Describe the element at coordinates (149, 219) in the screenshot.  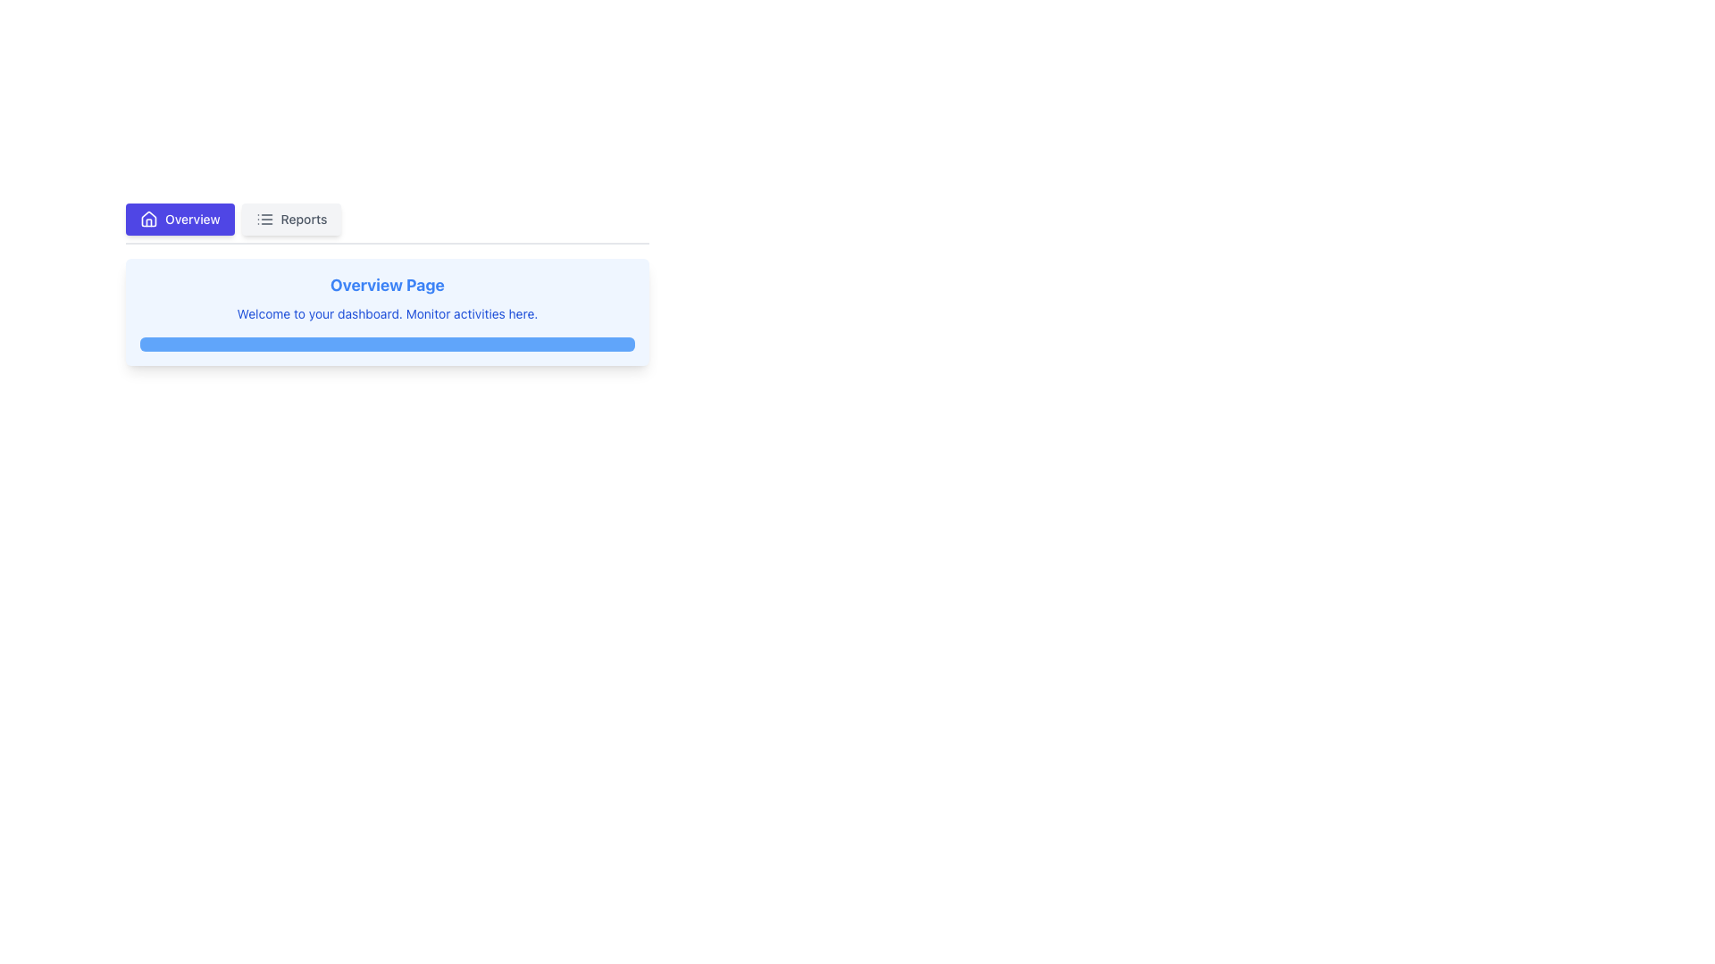
I see `the icon representing the 'Overview' tab located in the upper-left corner, adjacent to the 'Reports' tab and to the left of the 'Overview' text` at that location.